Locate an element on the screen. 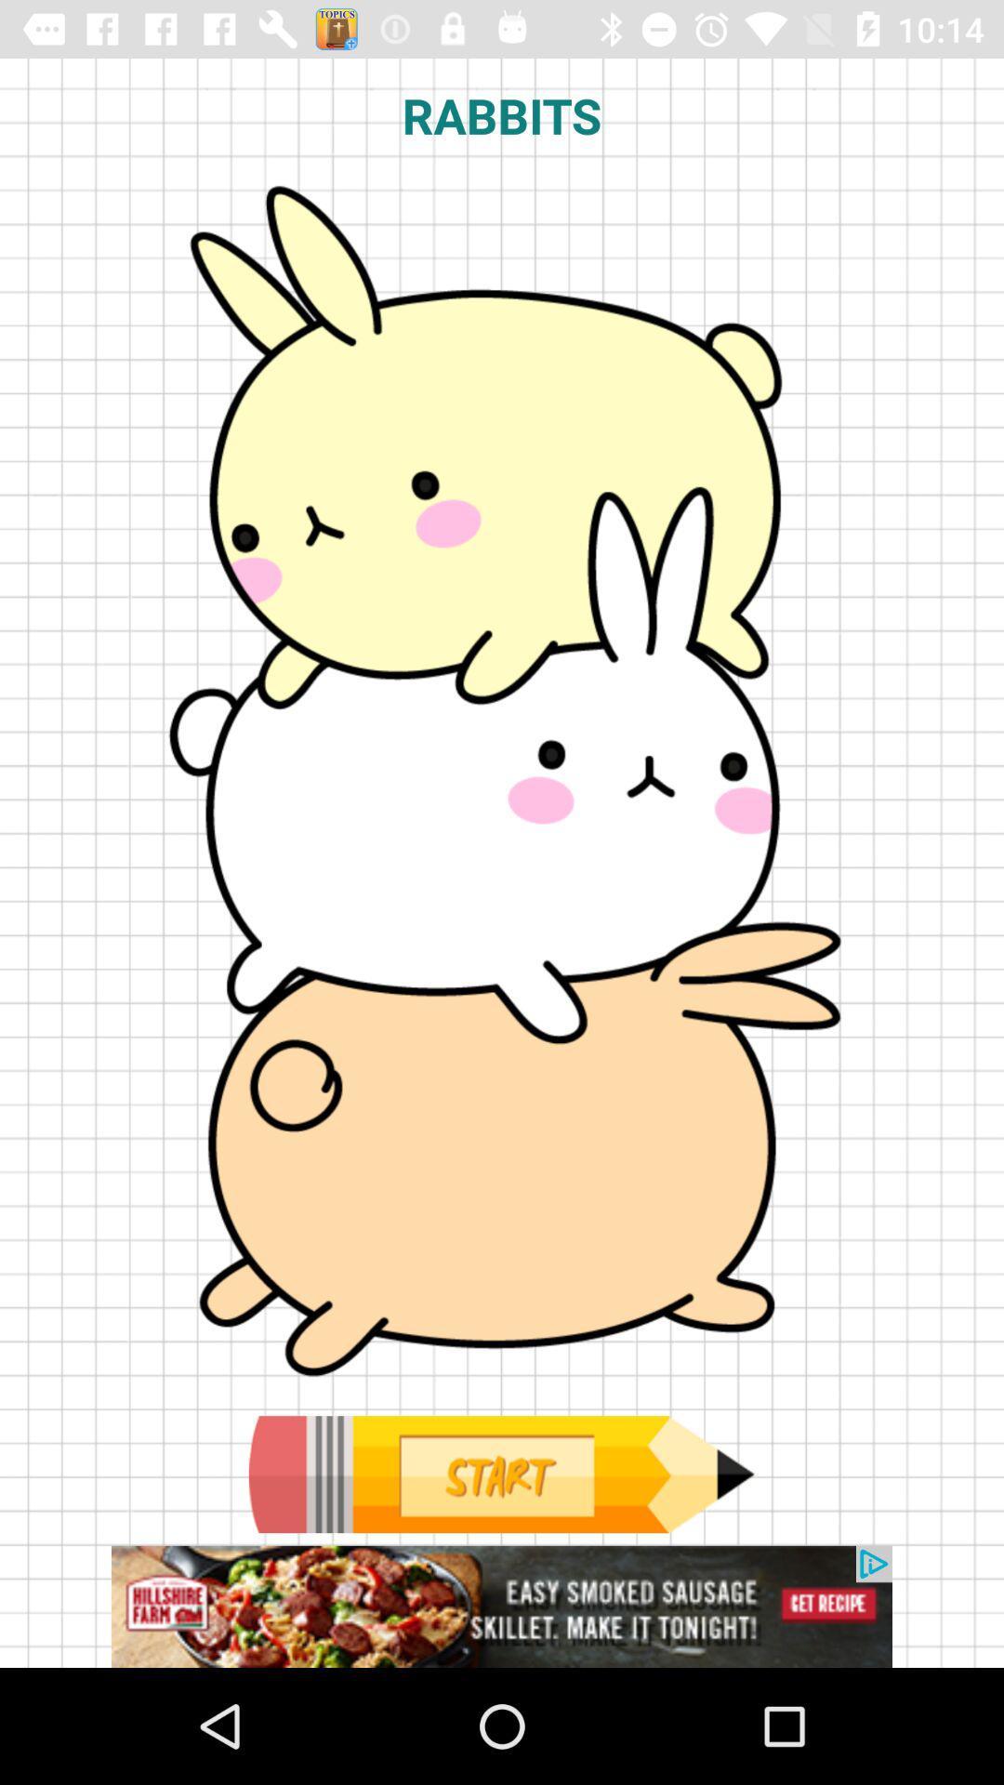  start this is located at coordinates (500, 1474).